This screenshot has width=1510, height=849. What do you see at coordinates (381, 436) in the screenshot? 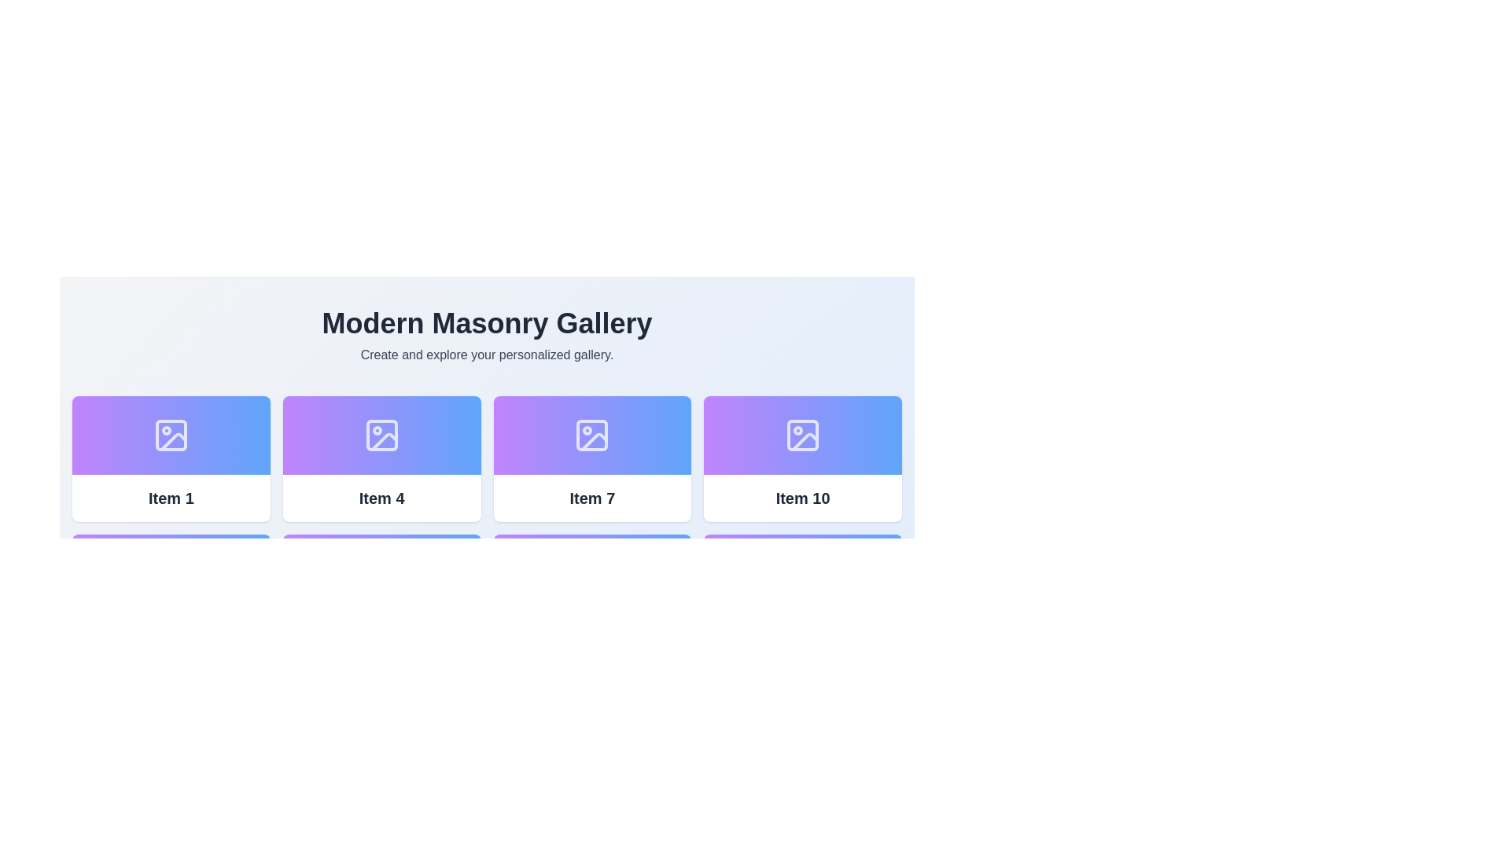
I see `the image placeholder card component with a gradient background from its position in the interface` at bounding box center [381, 436].